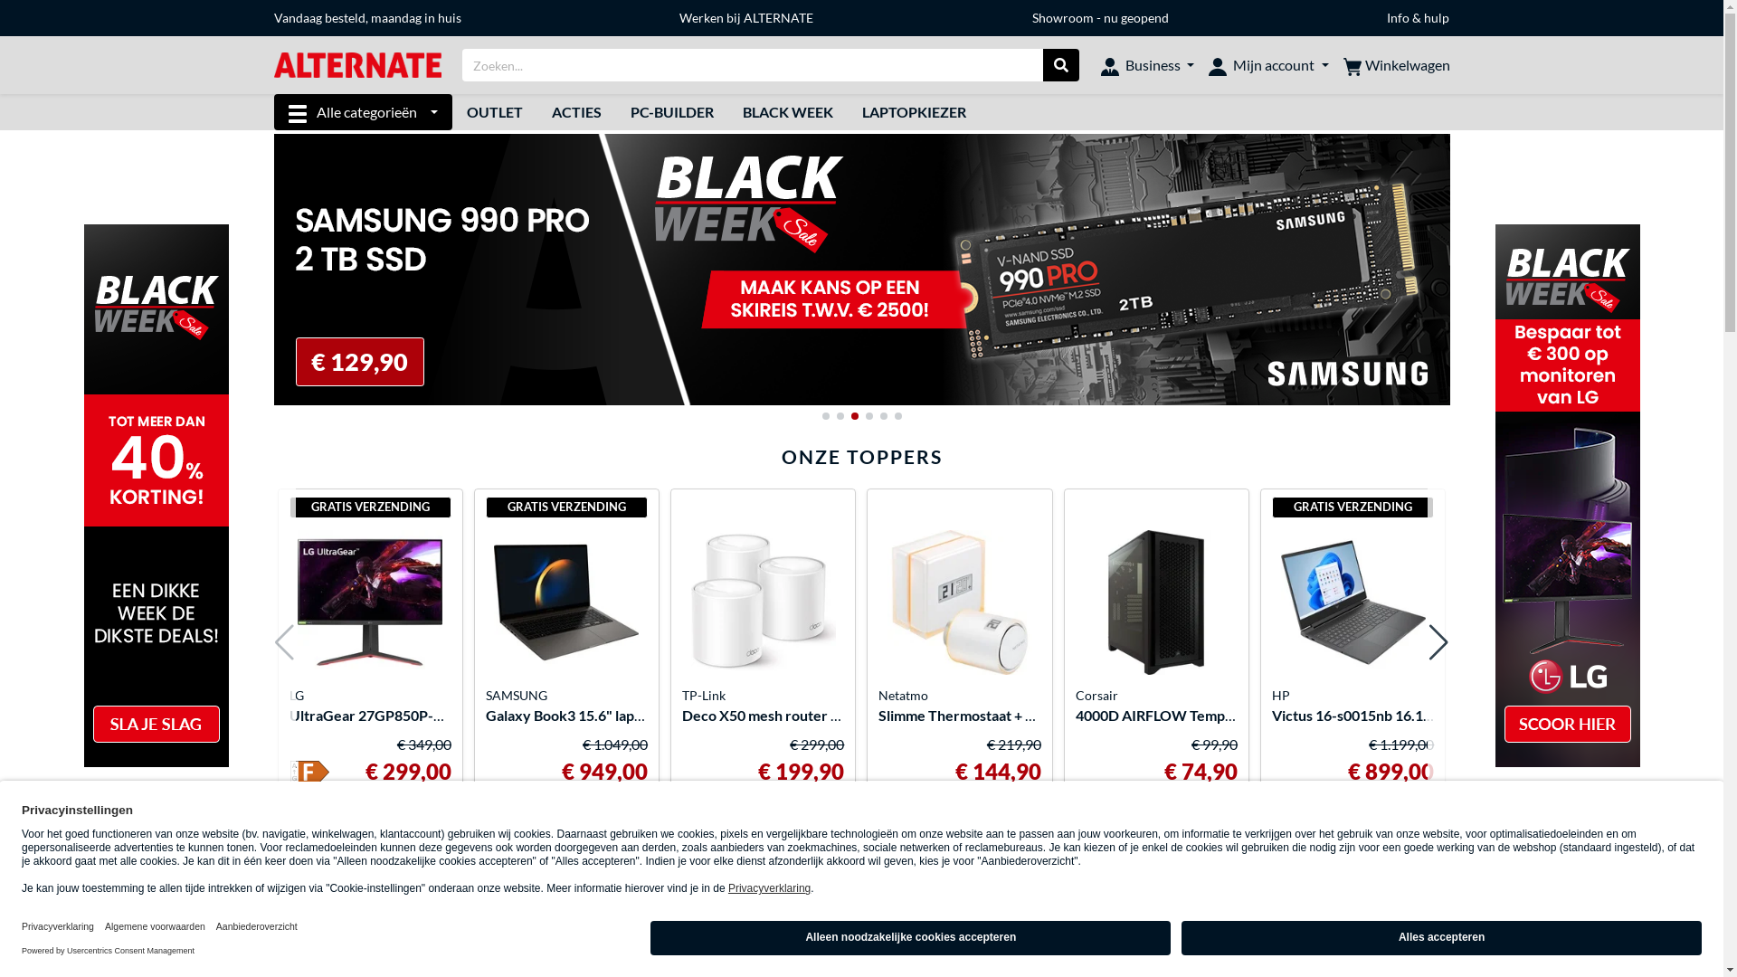 Image resolution: width=1737 pixels, height=977 pixels. Describe the element at coordinates (536, 111) in the screenshot. I see `'ACTIES'` at that location.